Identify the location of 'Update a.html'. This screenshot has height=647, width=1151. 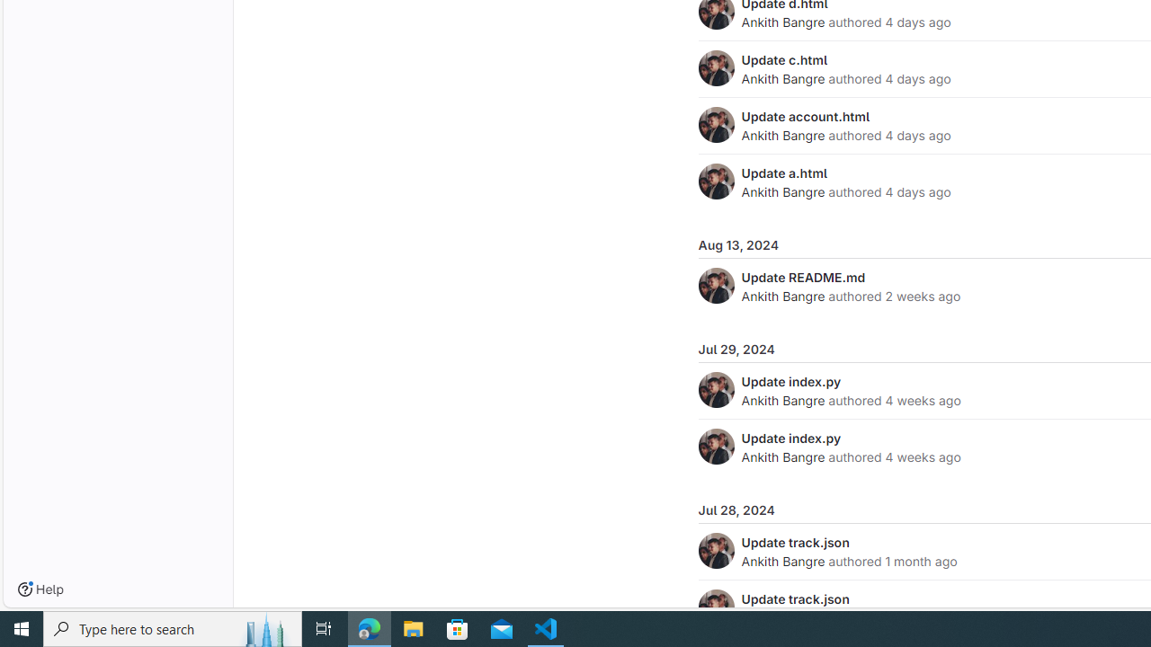
(784, 173).